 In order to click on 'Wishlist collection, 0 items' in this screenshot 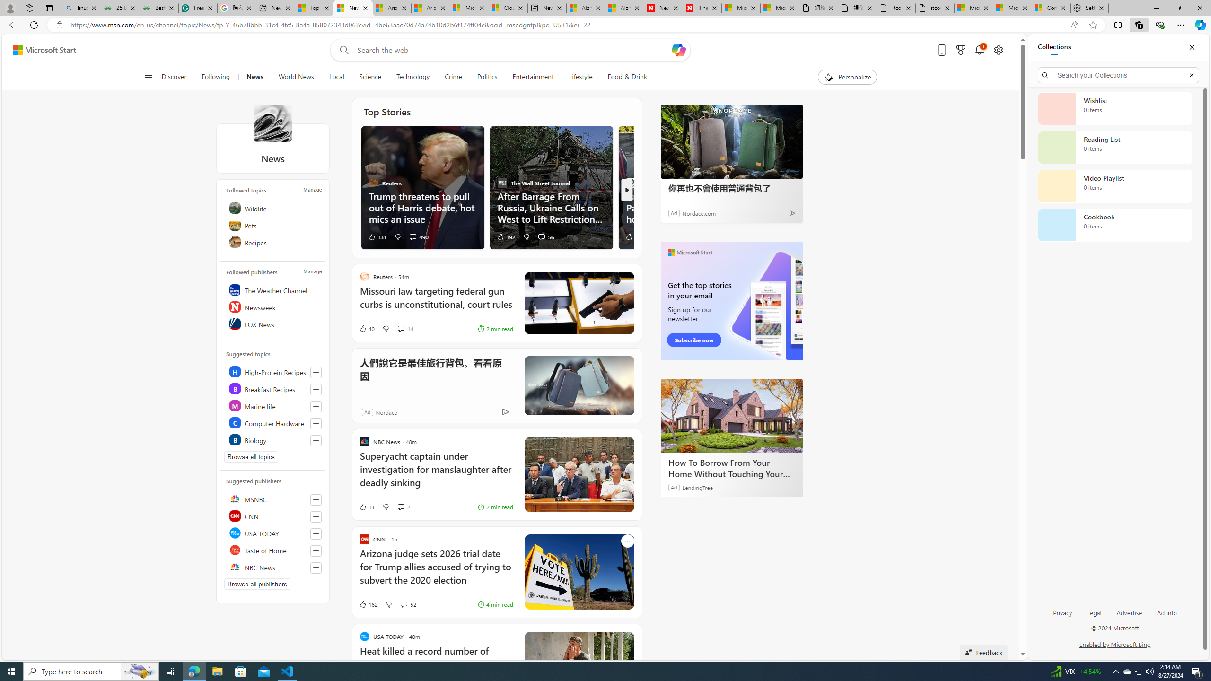, I will do `click(1114, 108)`.